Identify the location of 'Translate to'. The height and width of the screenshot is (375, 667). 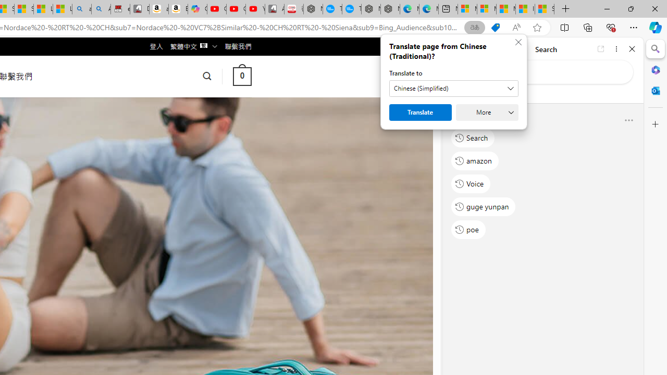
(454, 87).